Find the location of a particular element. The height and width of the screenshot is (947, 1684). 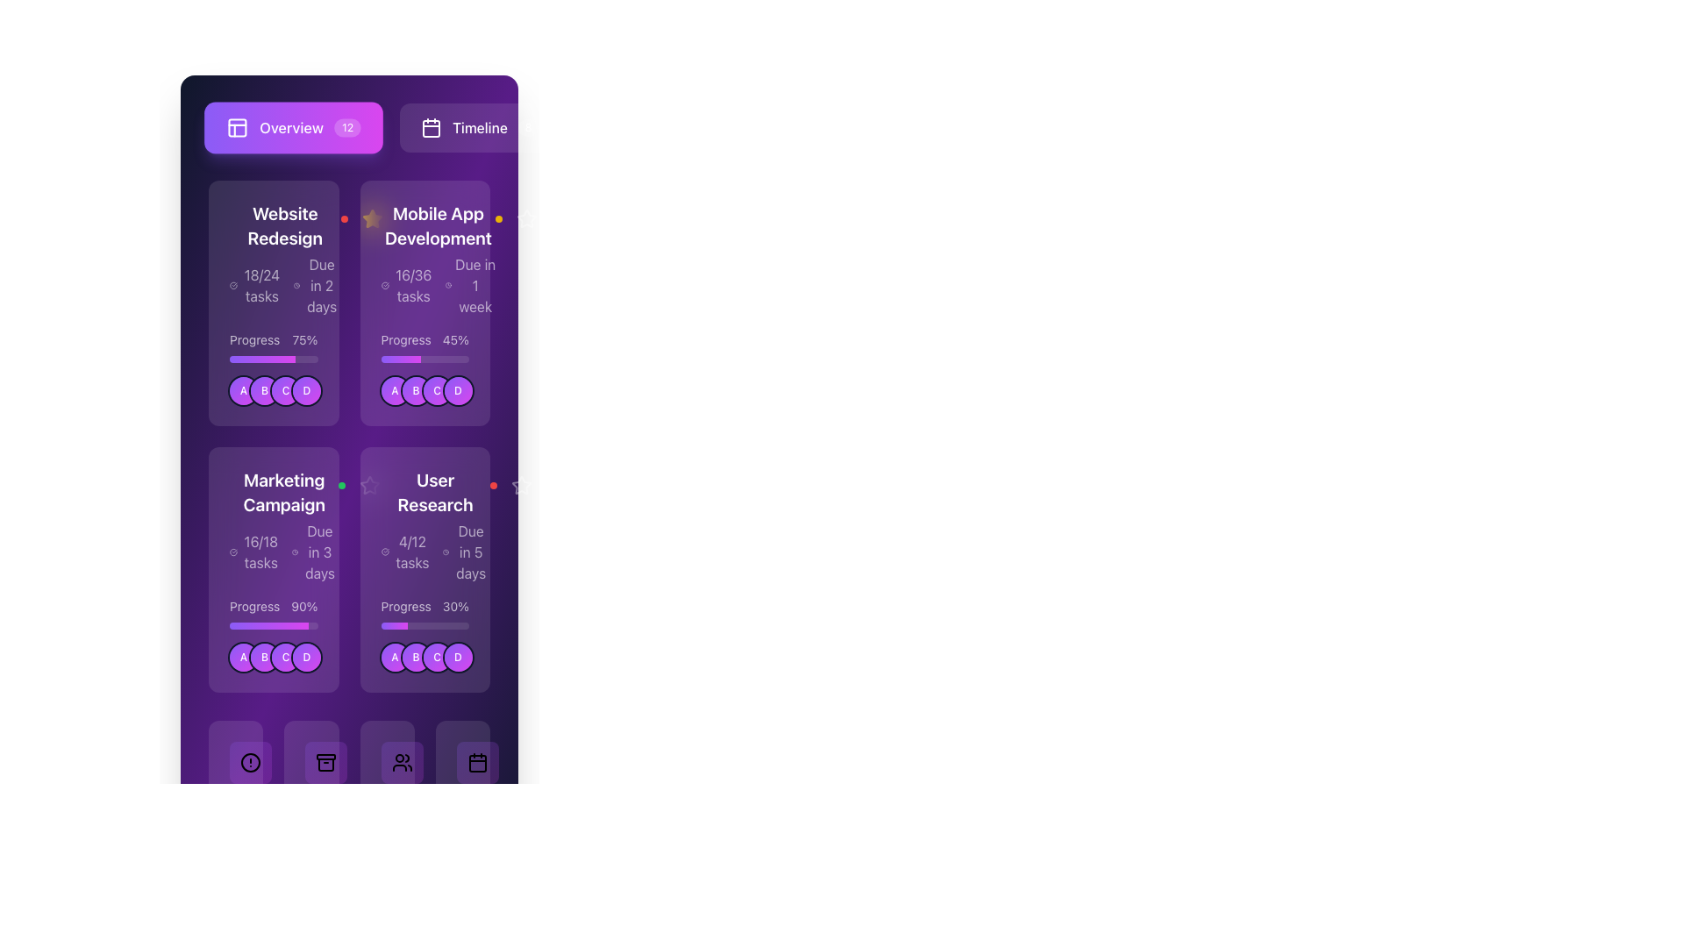

the 'Timeline' icon located at the top right corner of the navigation section, which precedes the label 'Timeline' is located at coordinates (432, 127).